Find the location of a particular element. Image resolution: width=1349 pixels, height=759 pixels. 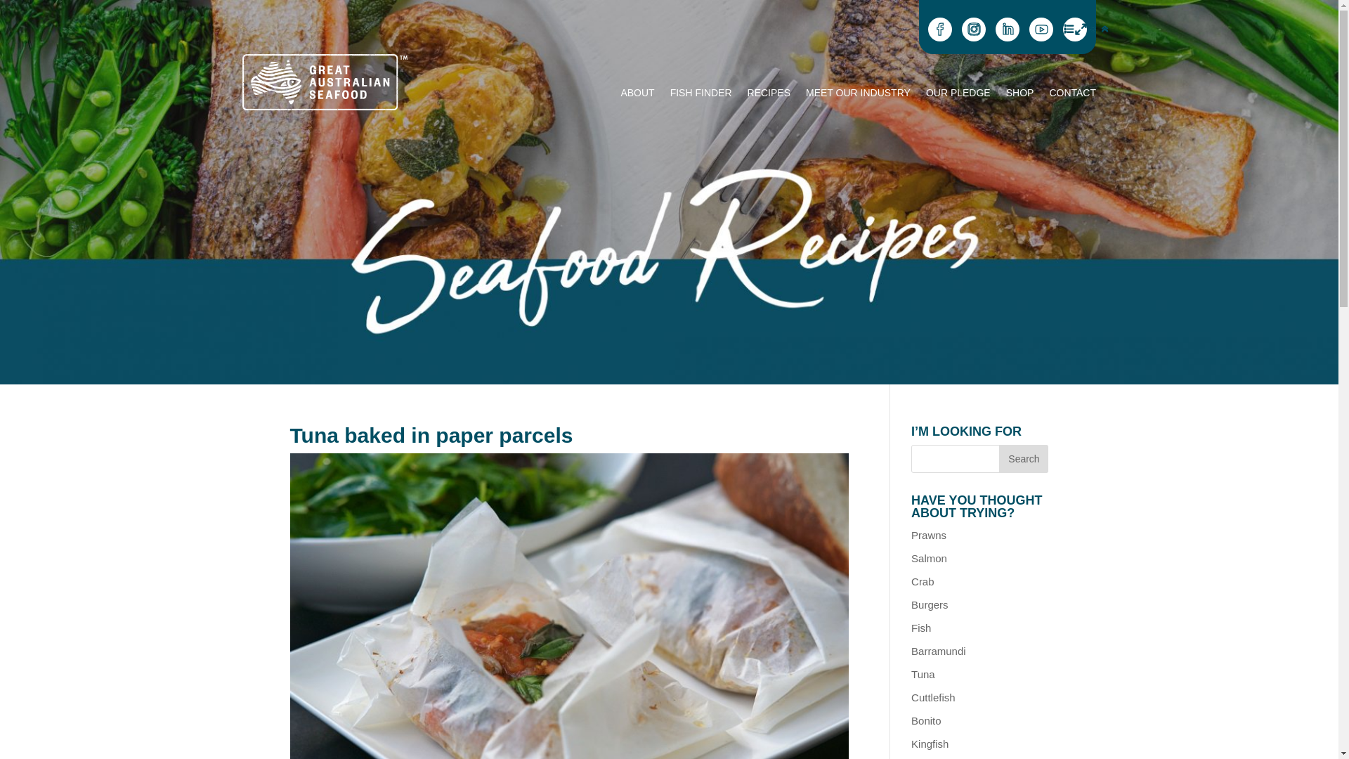

'Barramundi' is located at coordinates (938, 651).